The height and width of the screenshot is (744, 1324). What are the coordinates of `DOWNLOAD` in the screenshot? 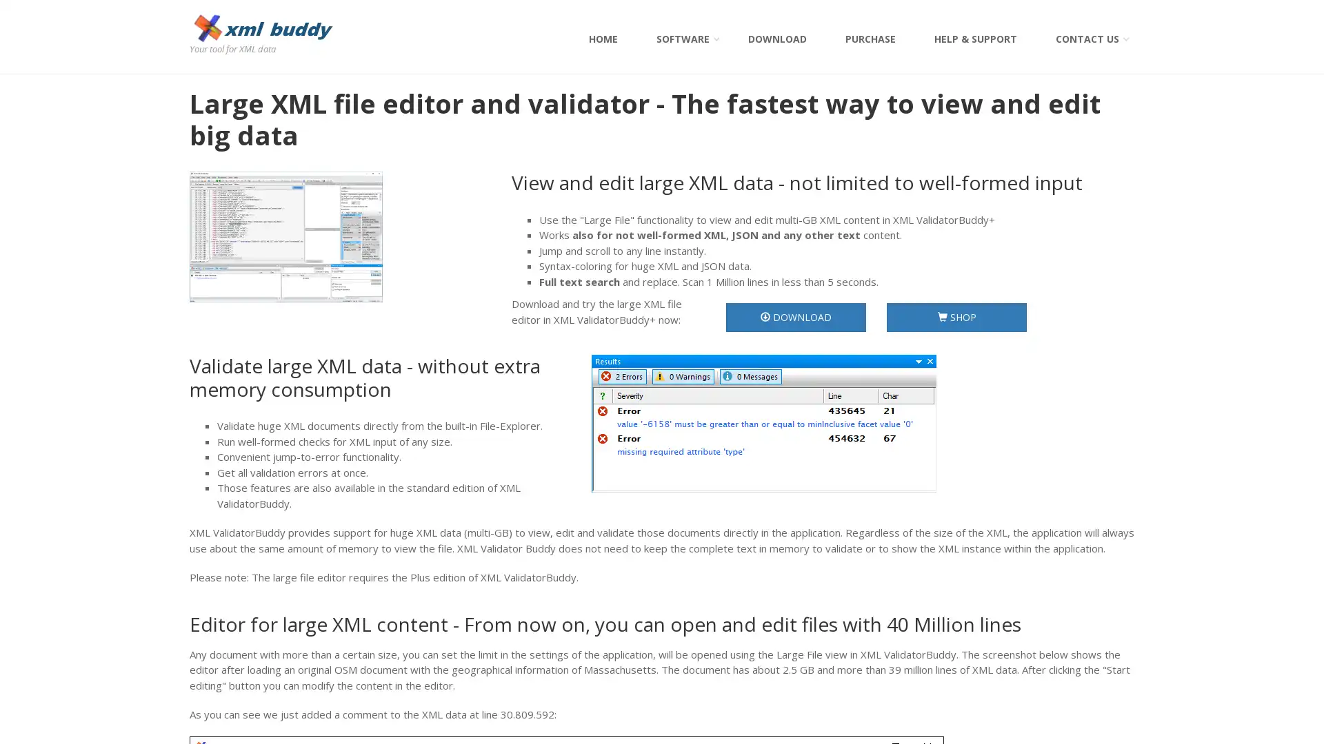 It's located at (795, 318).